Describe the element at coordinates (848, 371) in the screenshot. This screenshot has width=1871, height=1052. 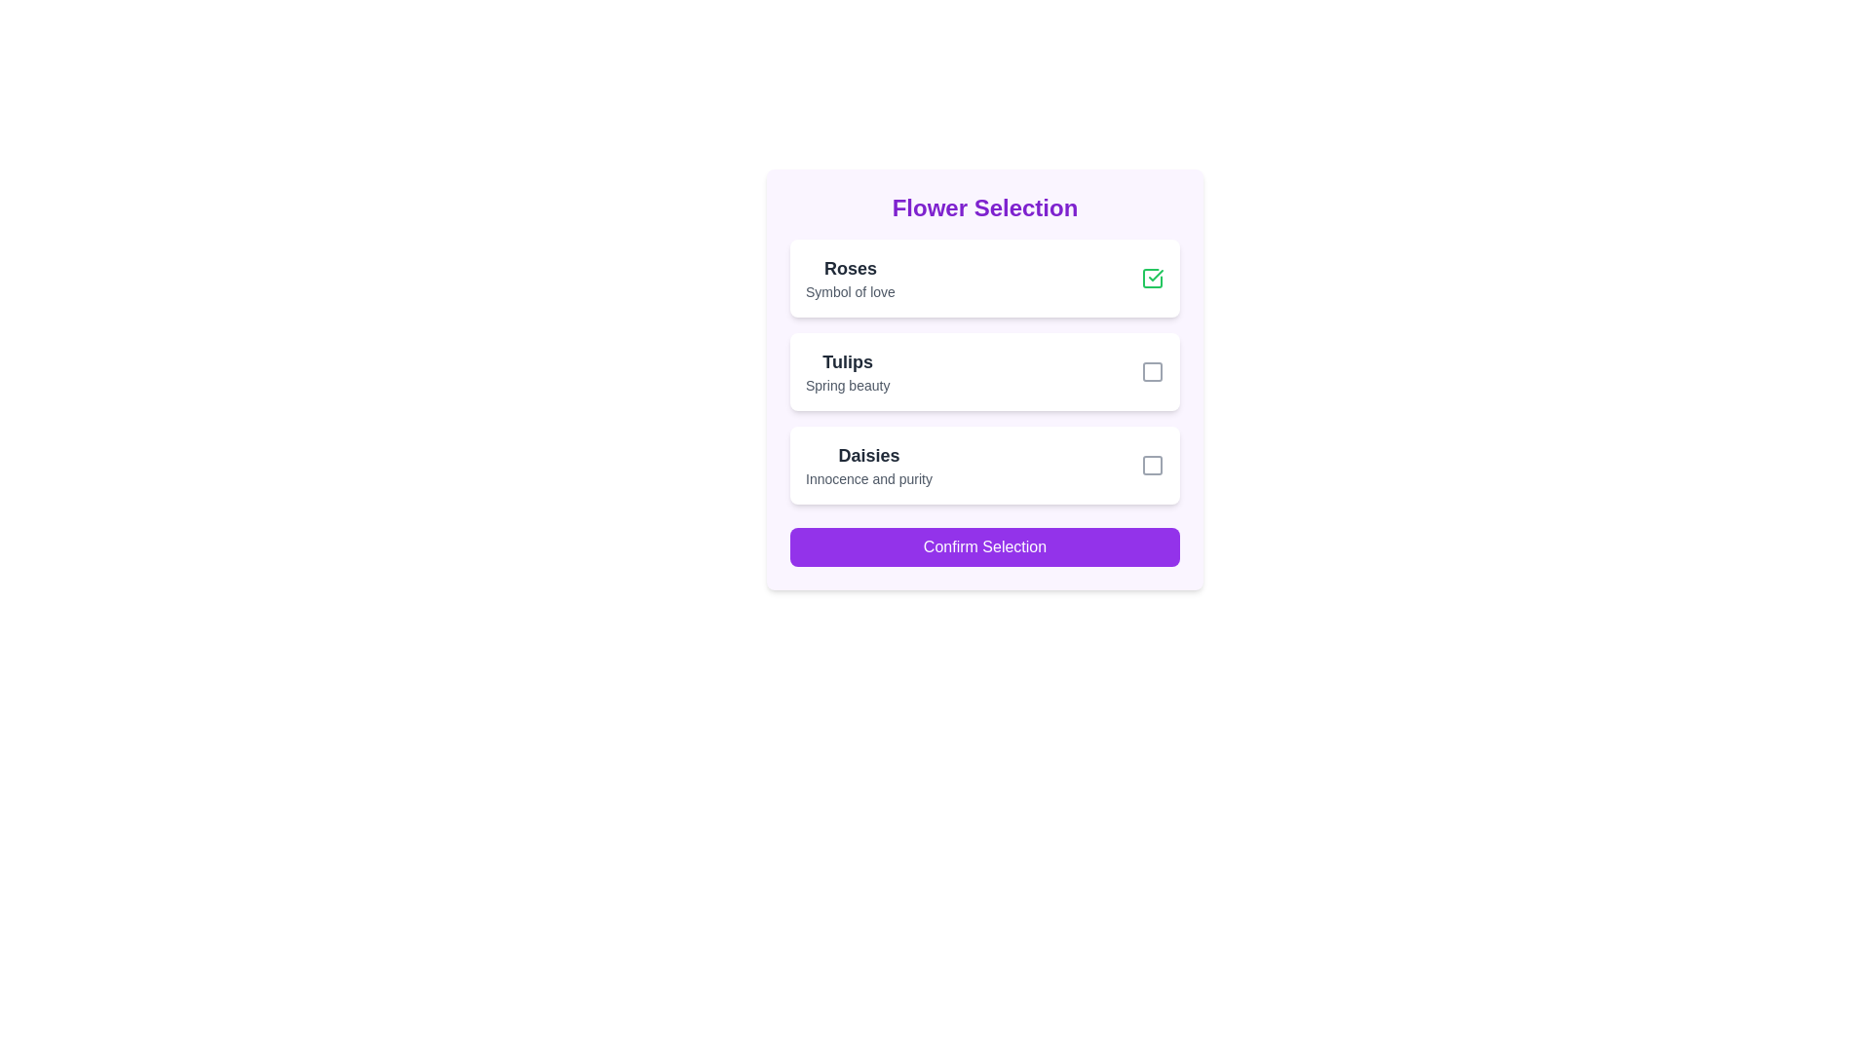
I see `text content of the text label component that displays 'Tulips' and 'Spring beauty' within the second card of the 'Flower Selection' list` at that location.